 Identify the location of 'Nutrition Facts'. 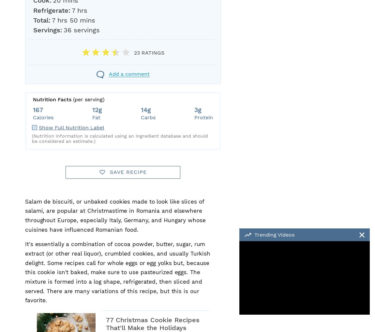
(52, 99).